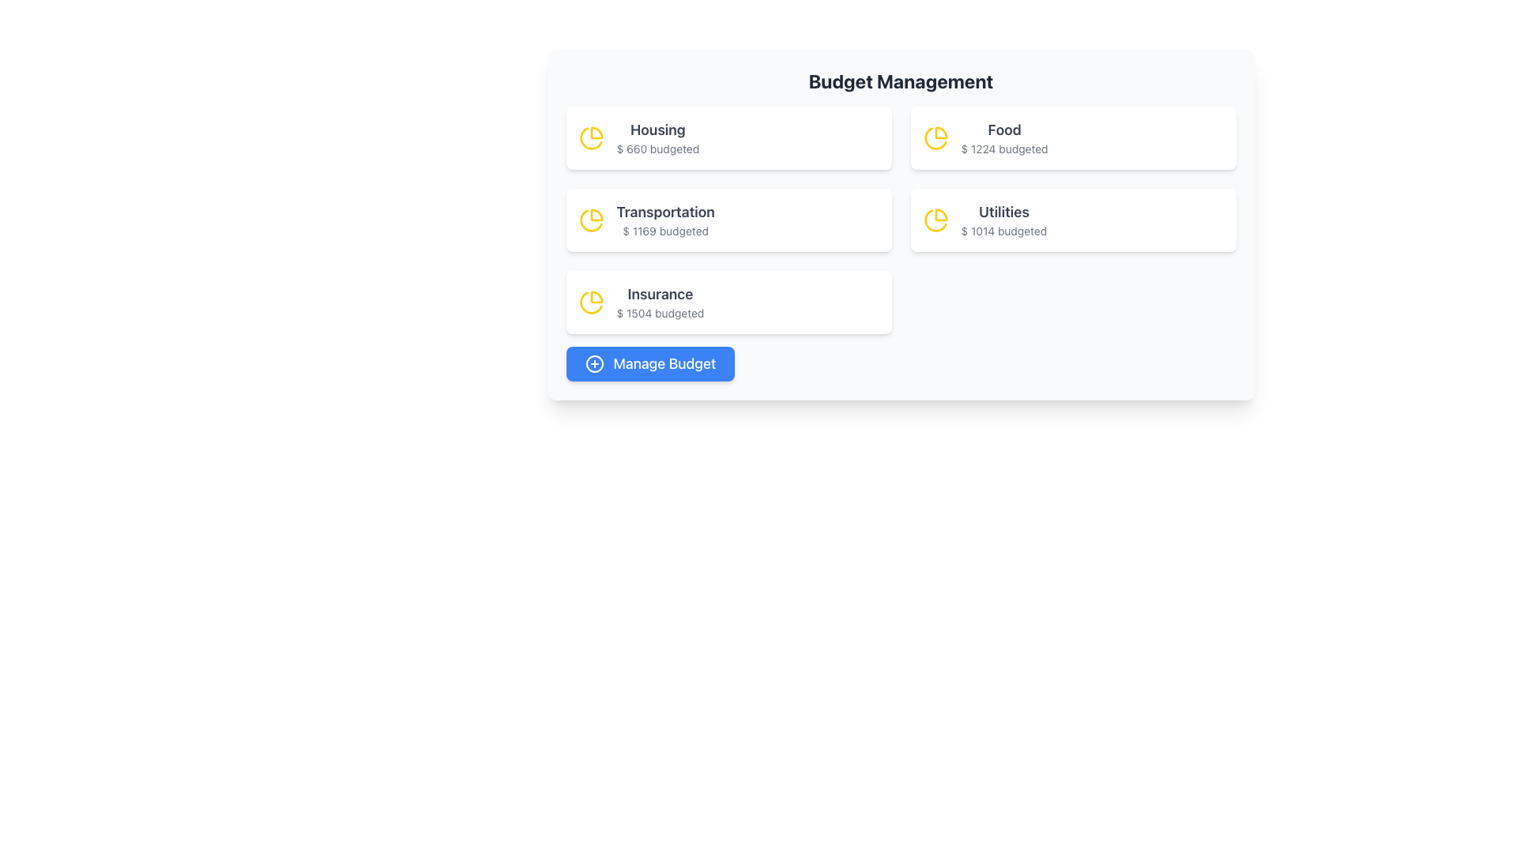 This screenshot has height=853, width=1517. Describe the element at coordinates (1003, 149) in the screenshot. I see `budgeted amount information from the Text label located beneath the 'Food' label in the upper-right card of the grid layout` at that location.